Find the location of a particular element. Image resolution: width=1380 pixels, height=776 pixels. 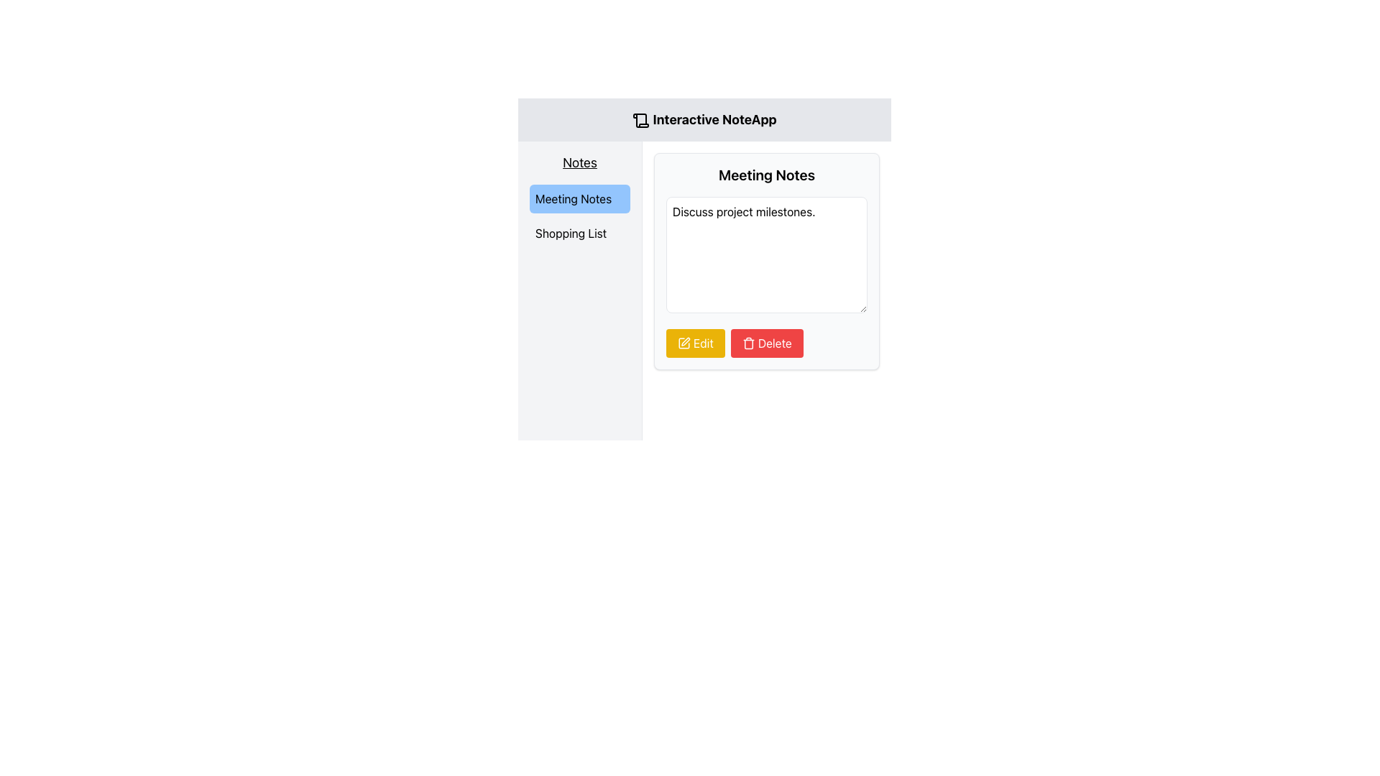

the yellow 'Edit' button located in the right-side panel under 'Meeting Notes' is located at coordinates (683, 343).